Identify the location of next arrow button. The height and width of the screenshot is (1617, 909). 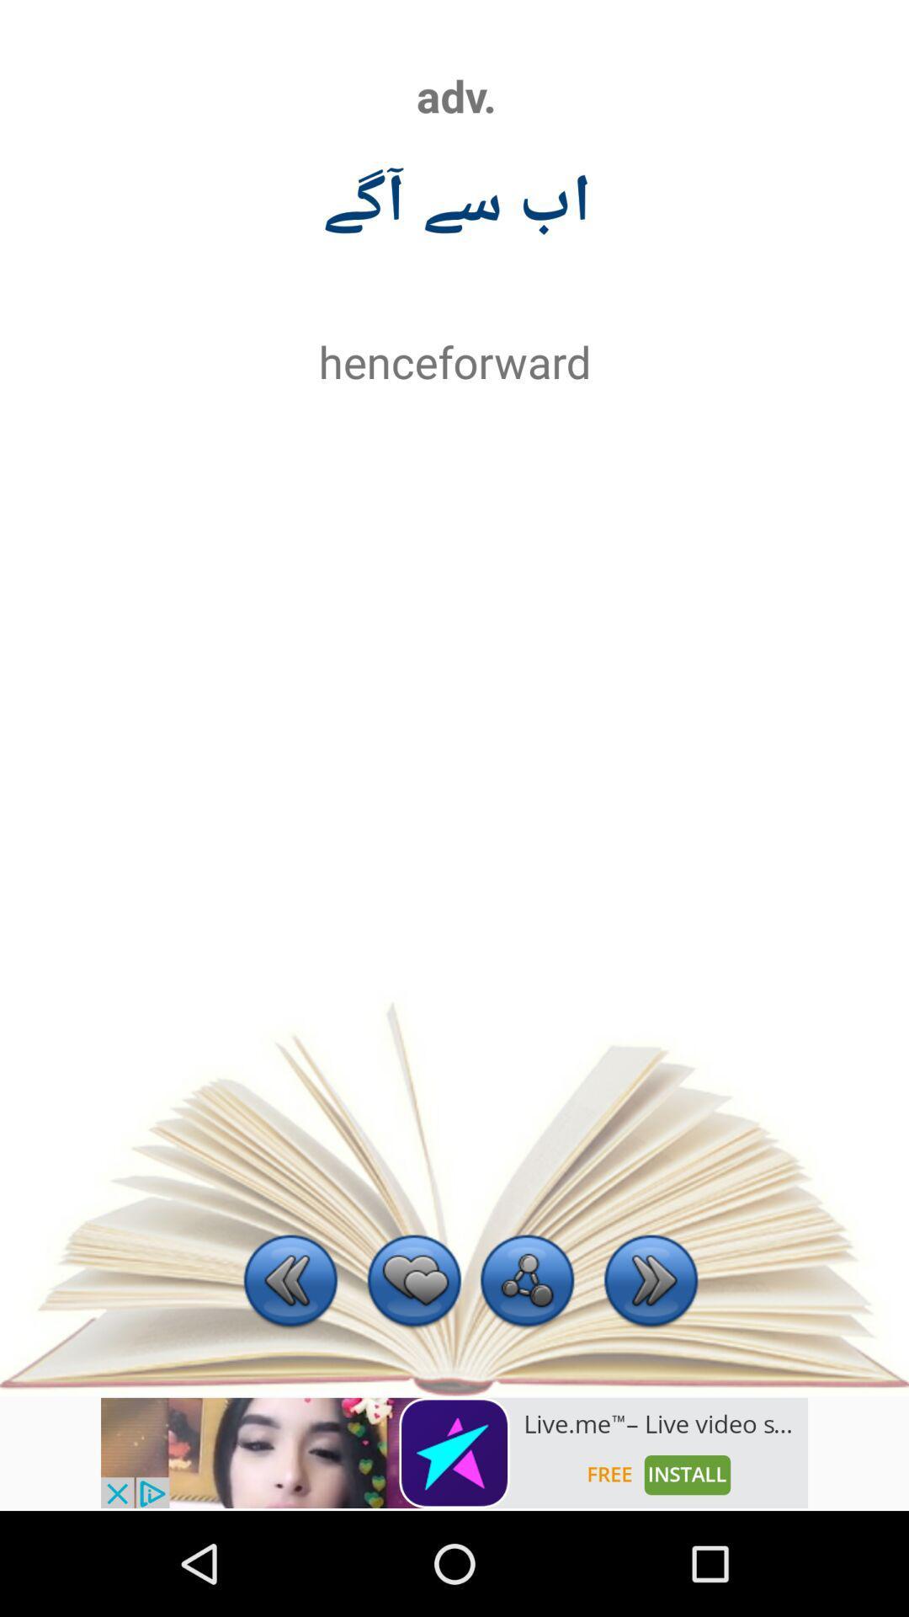
(650, 1282).